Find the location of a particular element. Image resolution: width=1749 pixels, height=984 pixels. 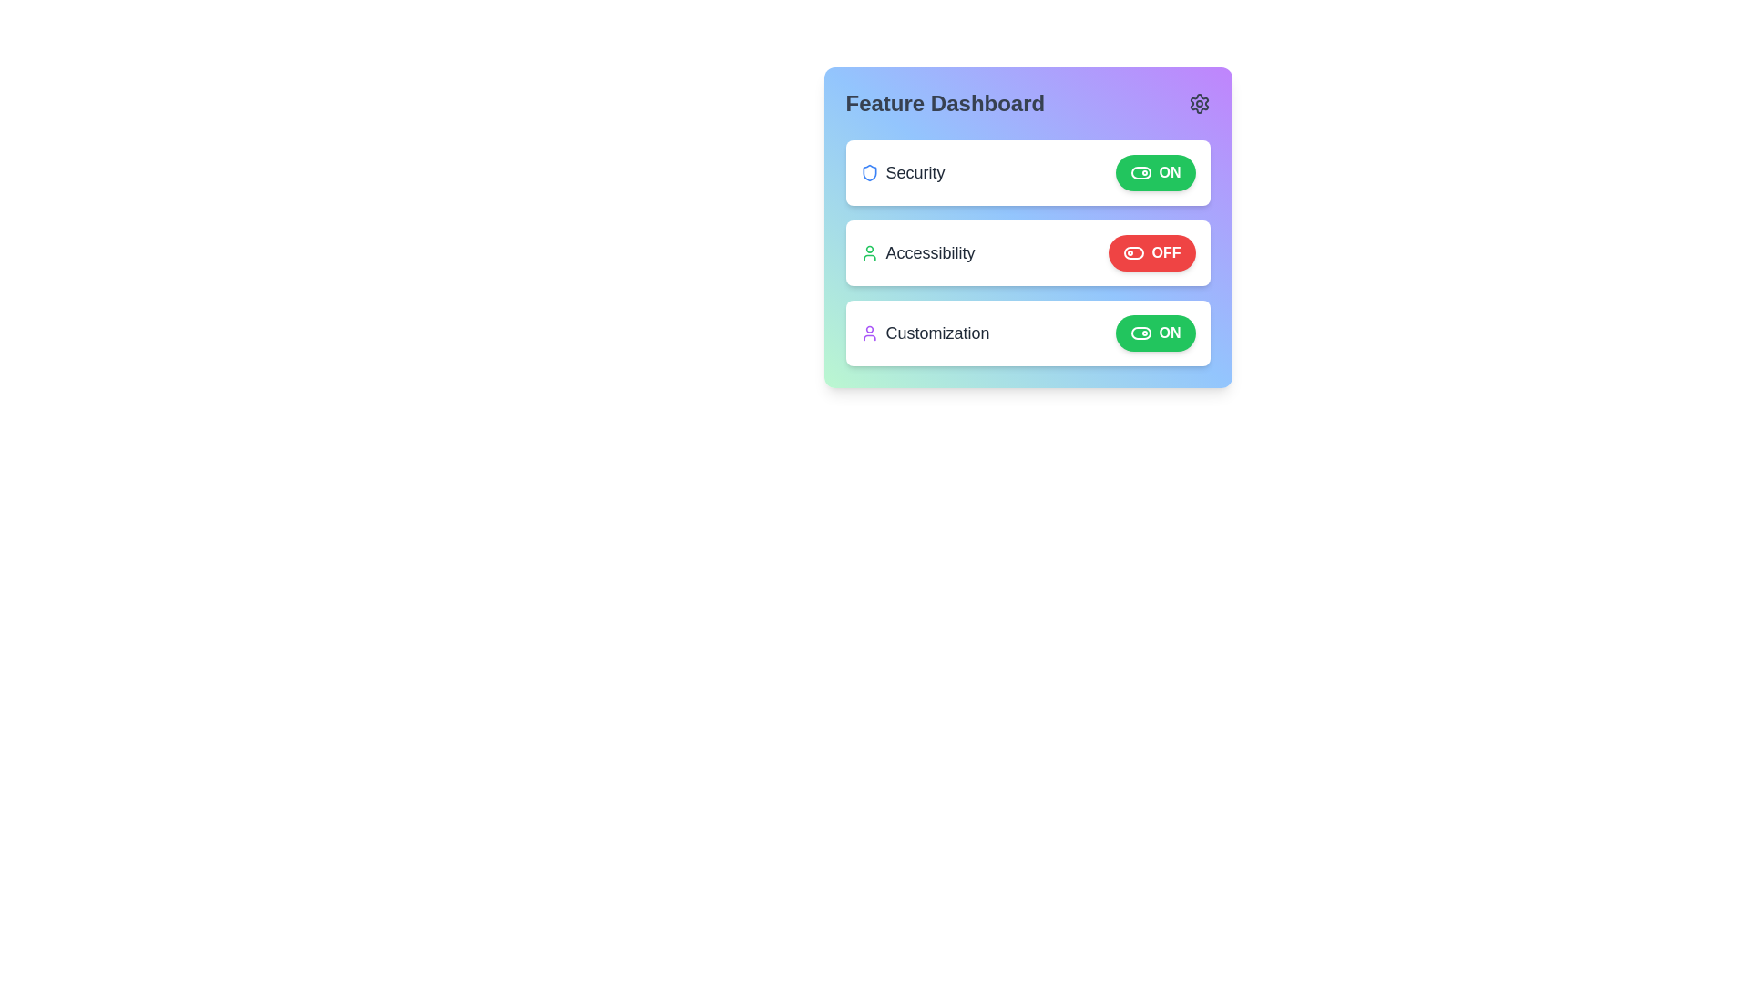

the toggle button for the Security feature to change its state is located at coordinates (1154, 172).